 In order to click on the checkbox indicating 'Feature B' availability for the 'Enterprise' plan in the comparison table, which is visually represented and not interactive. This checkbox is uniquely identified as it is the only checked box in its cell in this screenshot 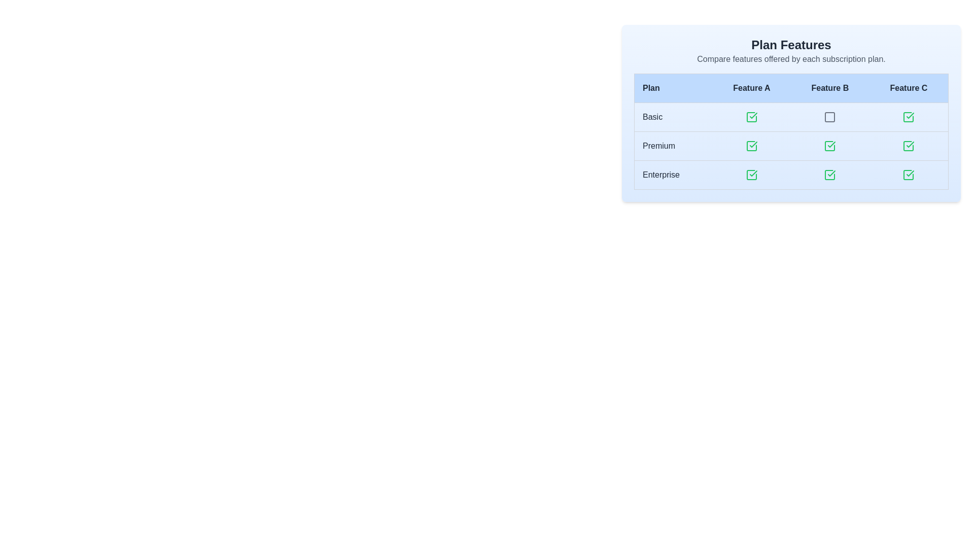, I will do `click(830, 174)`.